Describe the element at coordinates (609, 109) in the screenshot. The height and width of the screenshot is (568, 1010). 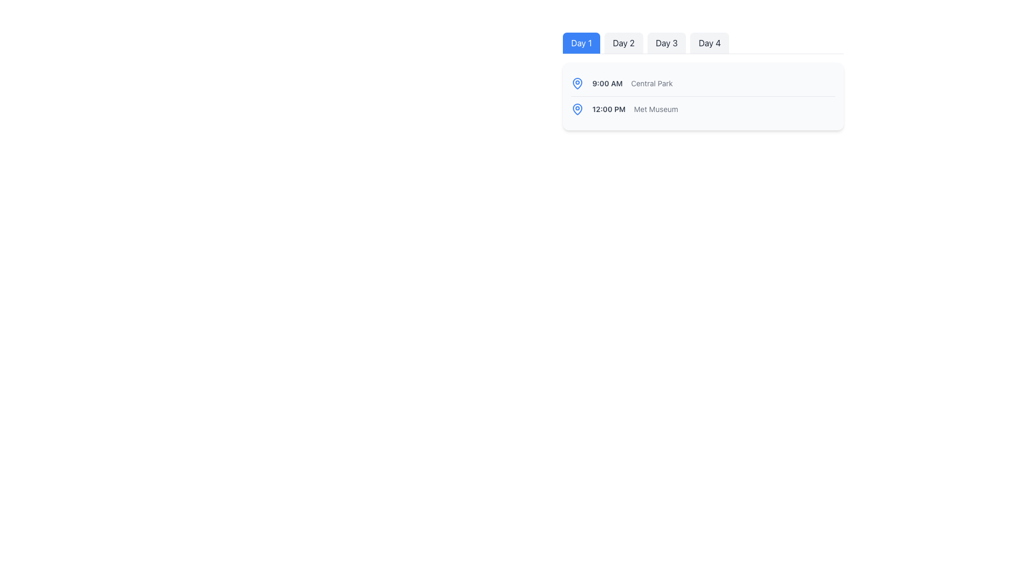
I see `the text label that indicates the scheduled time for an event, which is positioned in the second row of the schedule details list, to the right of a blue location icon and to the left of the text 'Met Museum.'` at that location.